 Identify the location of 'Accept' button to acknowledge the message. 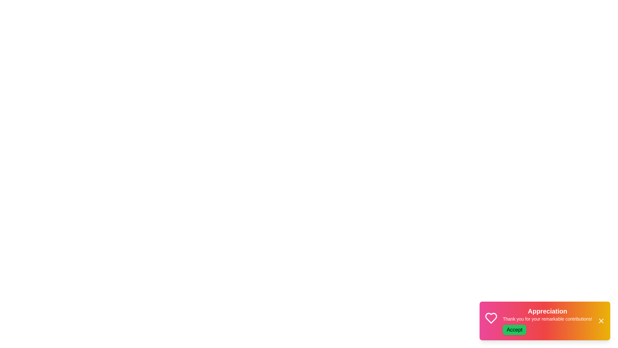
(514, 330).